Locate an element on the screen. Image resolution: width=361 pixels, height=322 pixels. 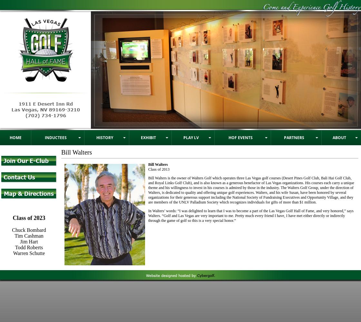
'Inductees' is located at coordinates (55, 137).